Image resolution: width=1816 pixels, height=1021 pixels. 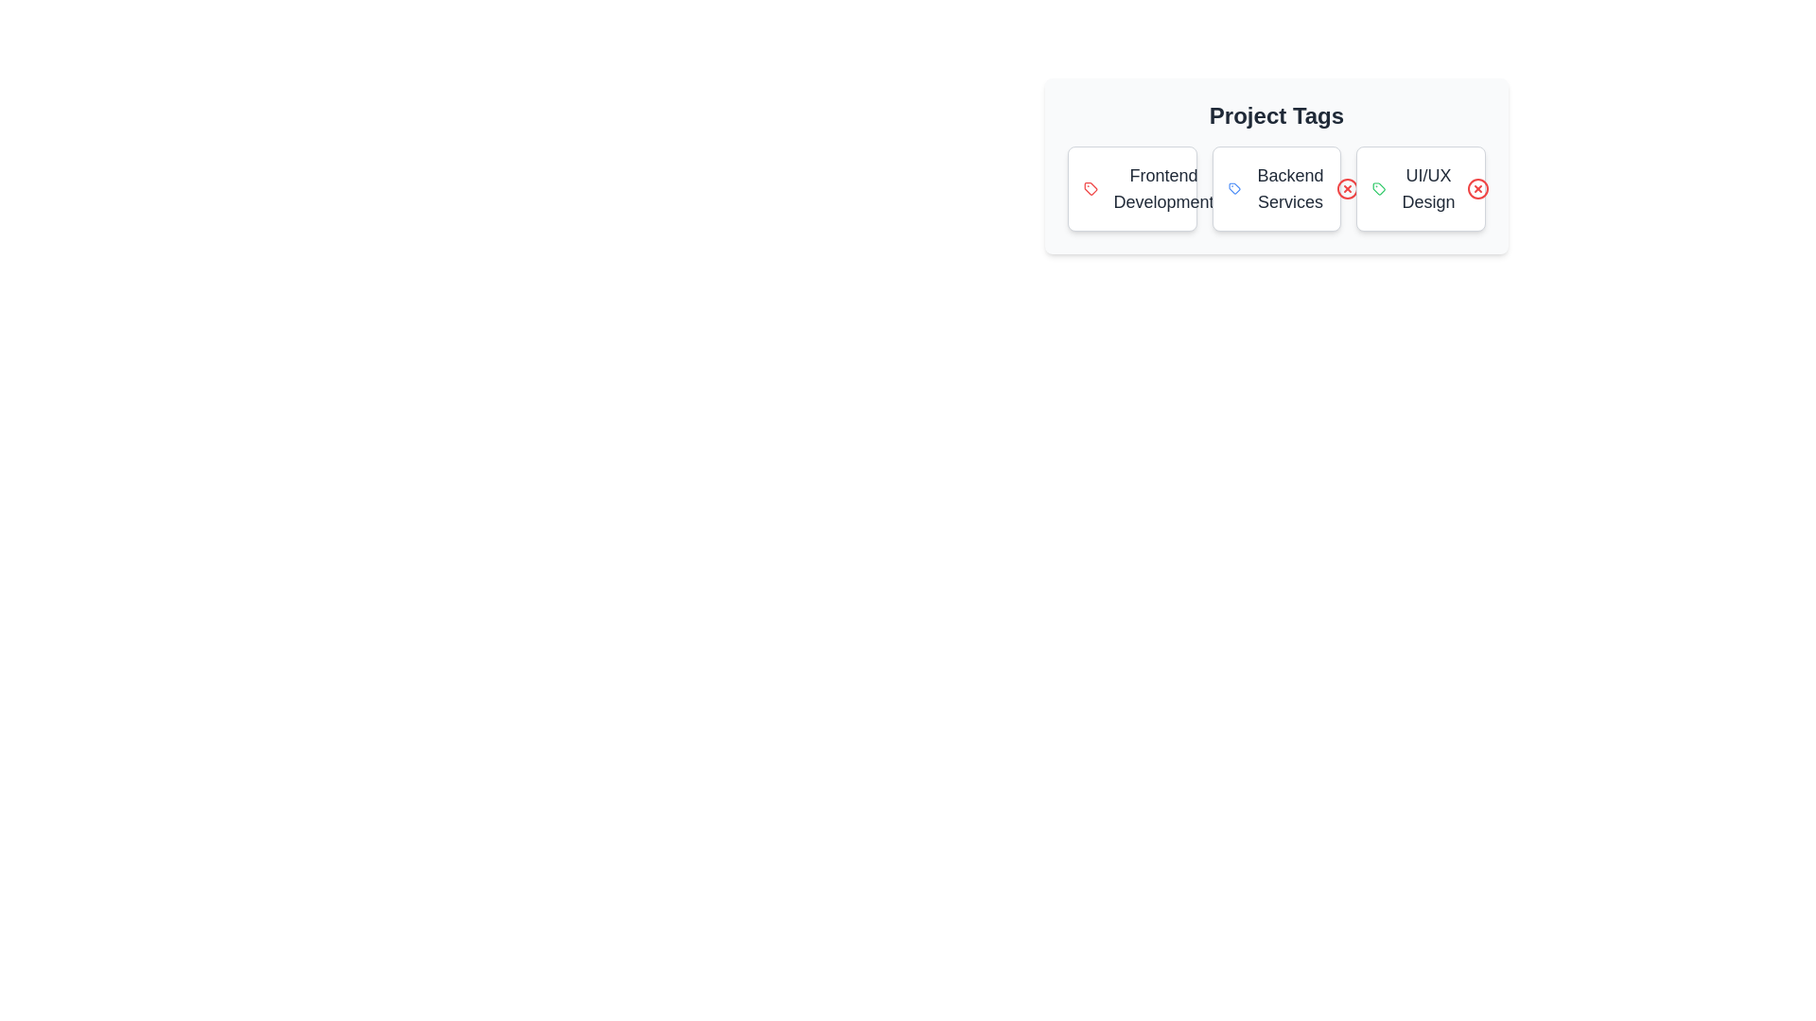 What do you see at coordinates (1379, 189) in the screenshot?
I see `the tag icon for UI/UX Design` at bounding box center [1379, 189].